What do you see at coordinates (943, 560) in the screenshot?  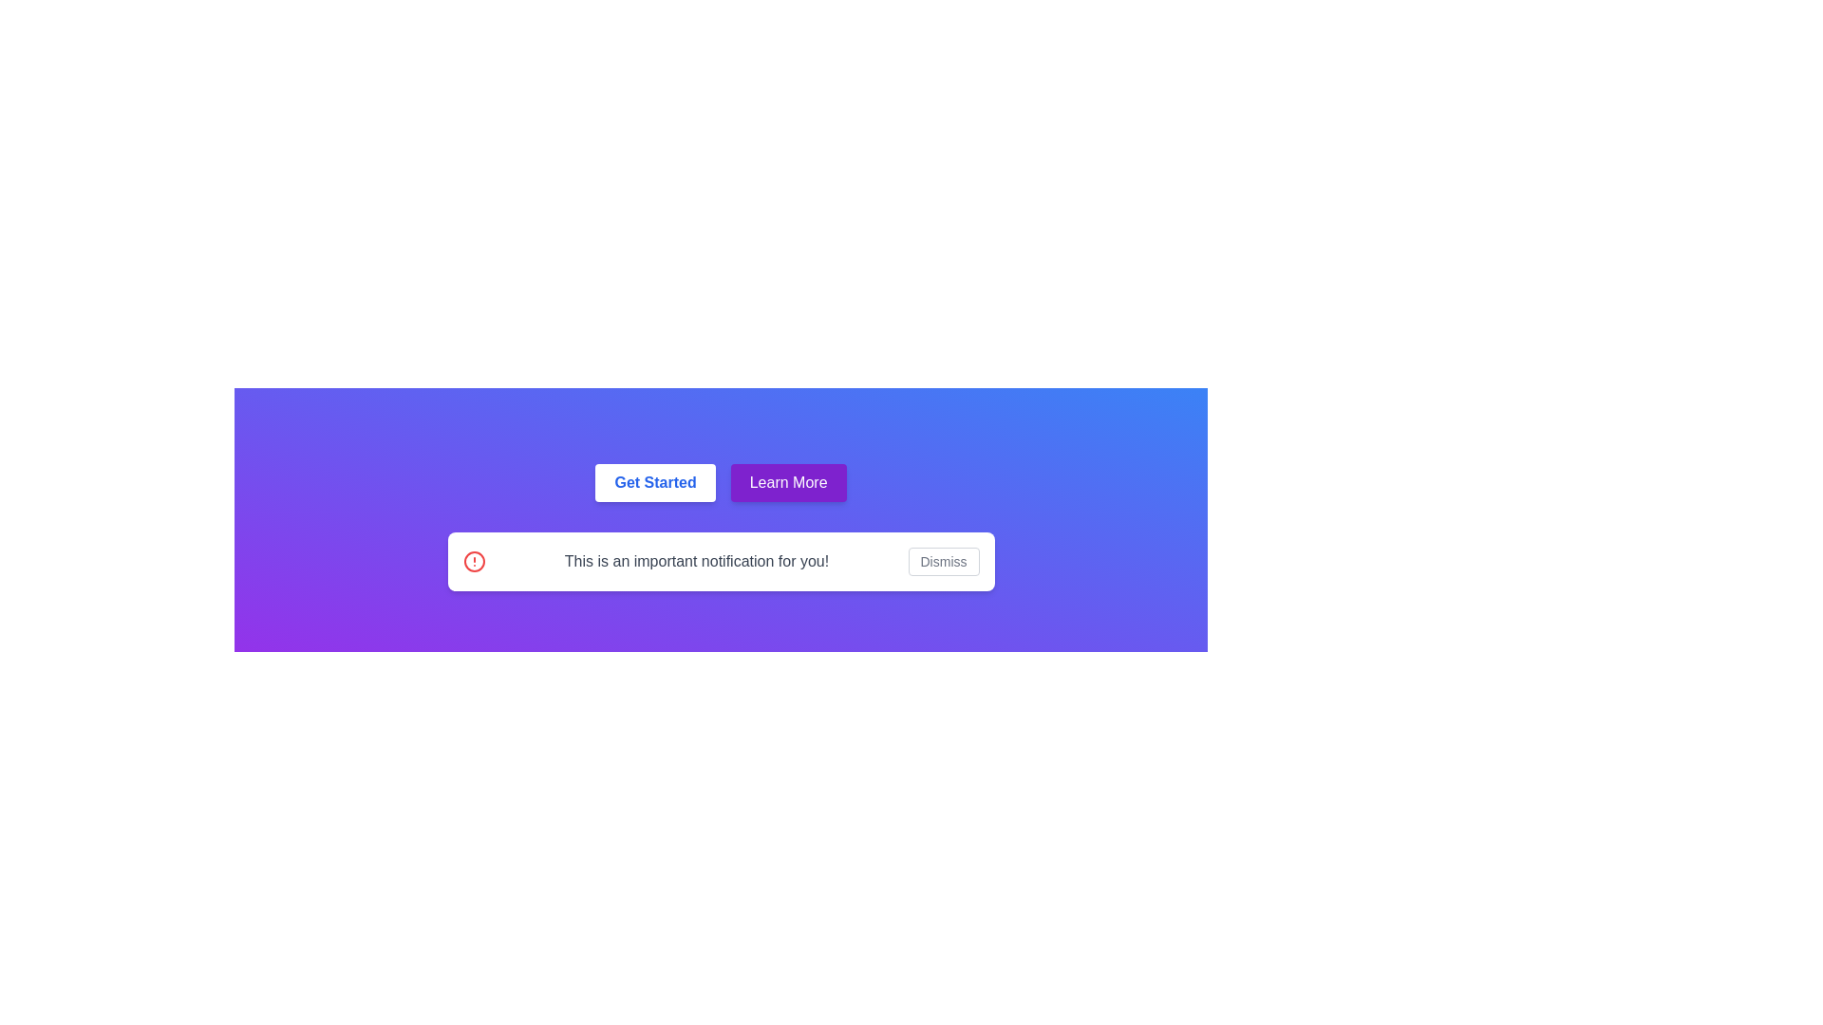 I see `the 'Dismiss' button, which is styled with a light gray border and rounded corners` at bounding box center [943, 560].